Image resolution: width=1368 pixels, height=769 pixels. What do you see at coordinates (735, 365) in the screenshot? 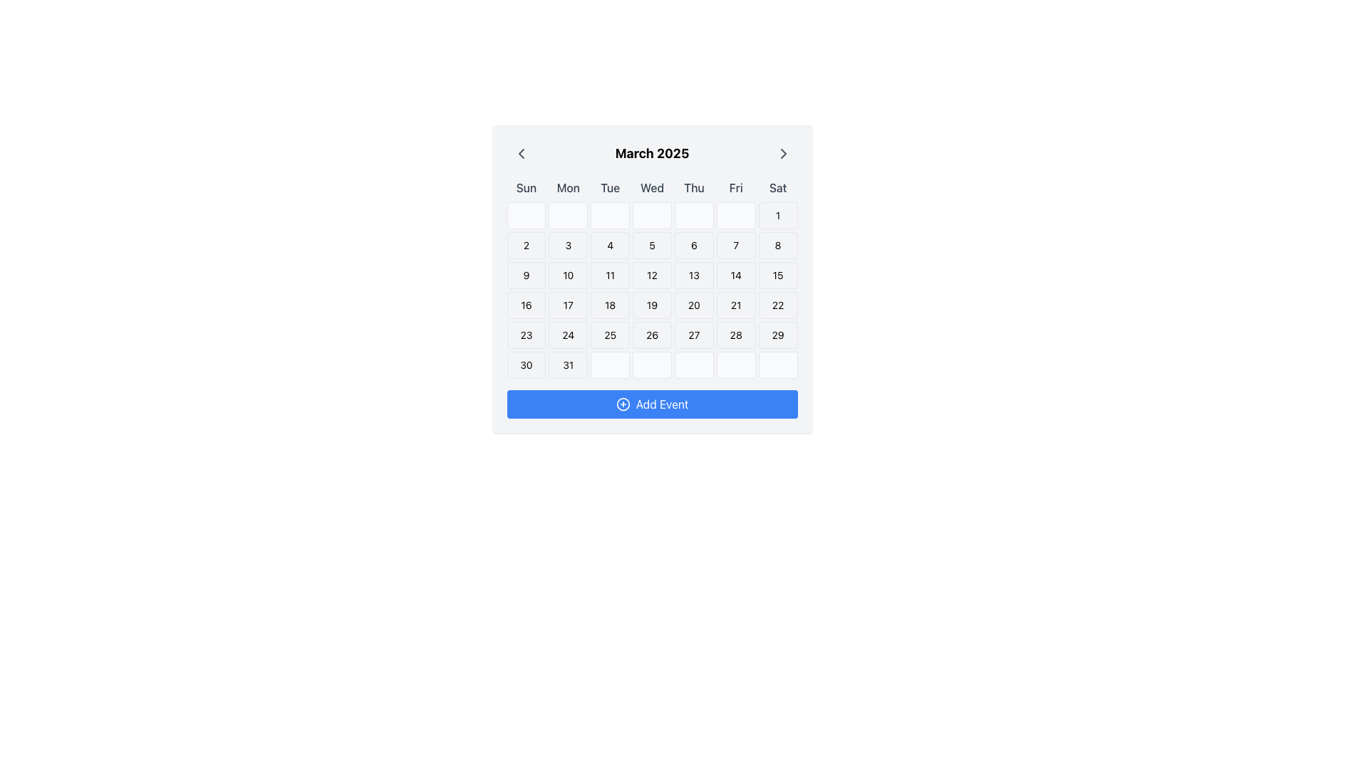
I see `the empty calendar grid date cell for March 28th, which is the sixth cell in the sixth row of the calendar` at bounding box center [735, 365].